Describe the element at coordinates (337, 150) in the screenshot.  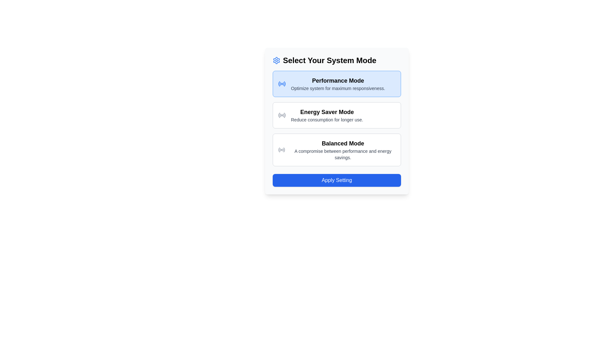
I see `the 'Balanced Mode' selectable item in the list` at that location.